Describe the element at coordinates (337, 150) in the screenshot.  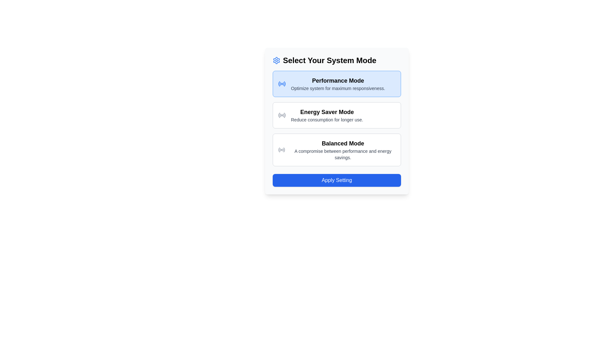
I see `the 'Balanced Mode' selectable item in the list` at that location.